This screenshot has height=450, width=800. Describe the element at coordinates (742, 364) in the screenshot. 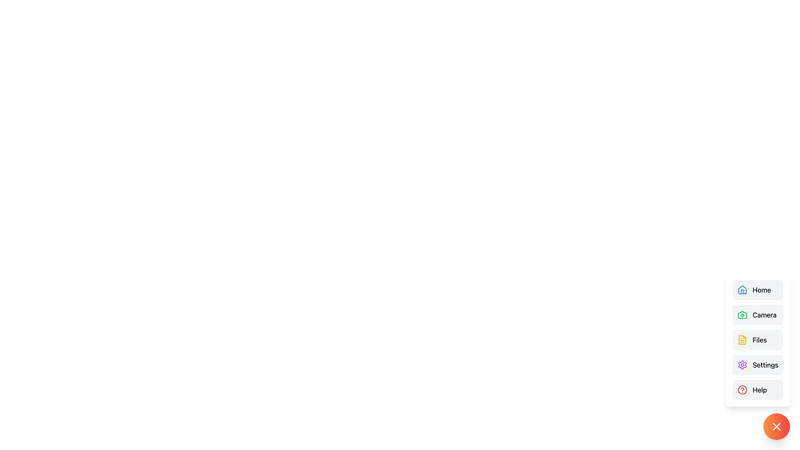

I see `the purple gear icon representing settings located in the lower-right menu` at that location.